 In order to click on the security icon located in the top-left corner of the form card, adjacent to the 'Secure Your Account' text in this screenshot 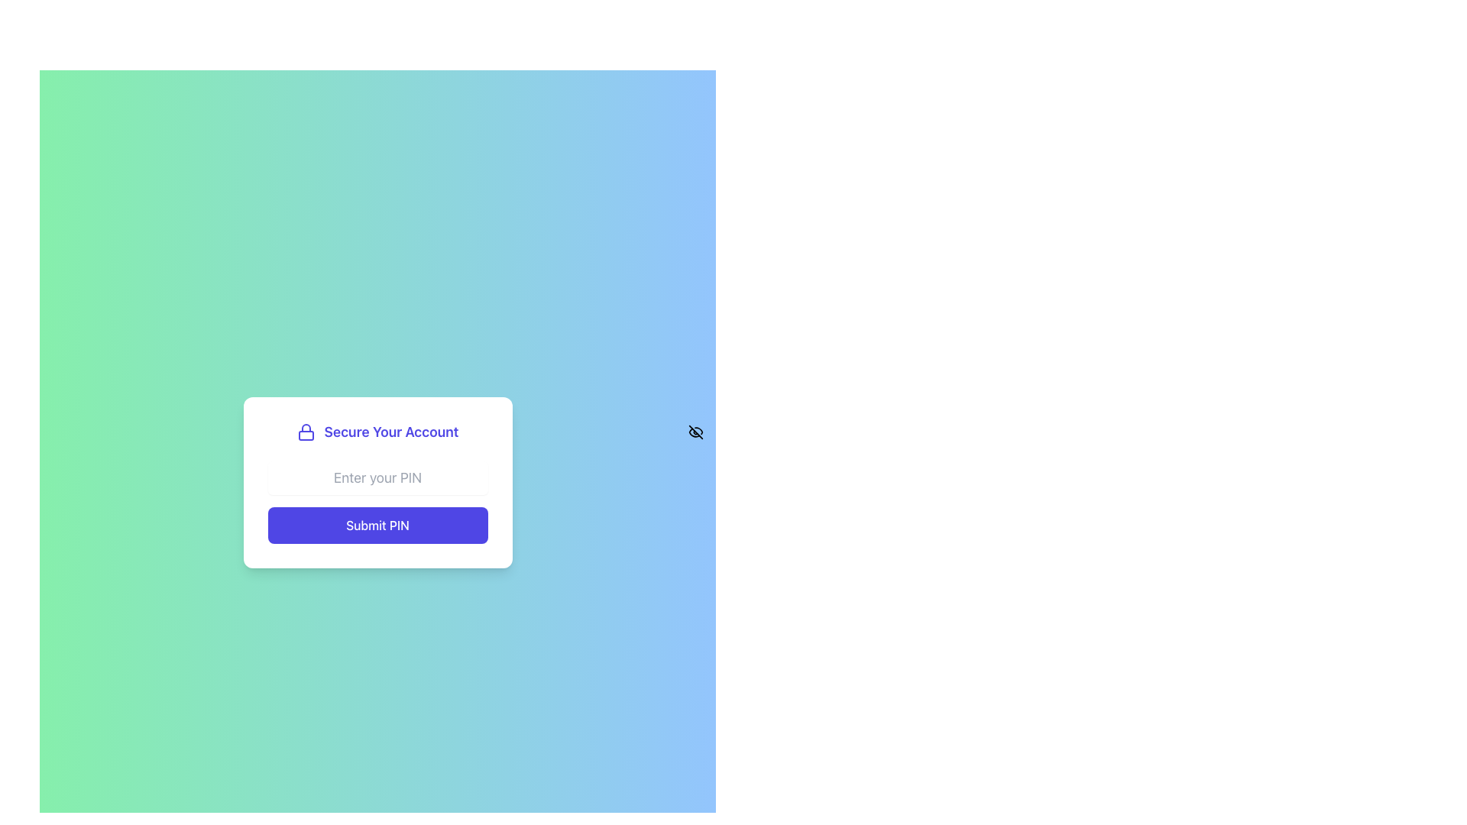, I will do `click(306, 428)`.